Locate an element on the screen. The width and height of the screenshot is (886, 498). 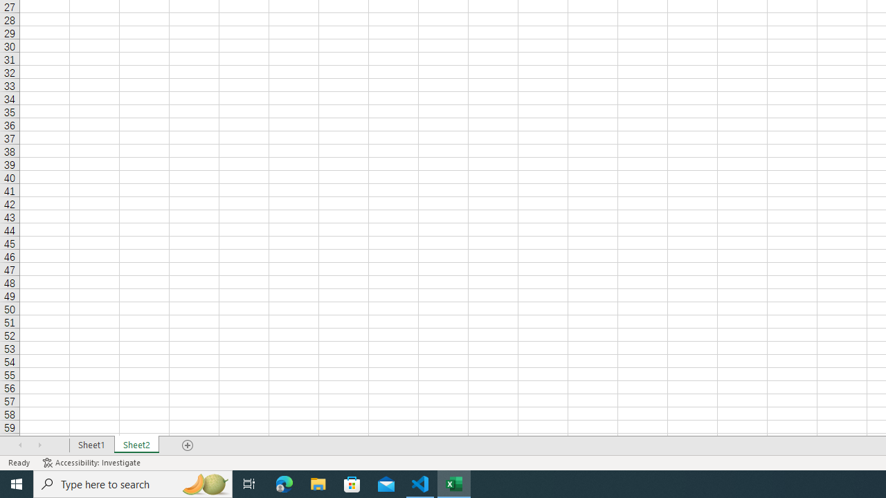
'Scroll Left' is located at coordinates (20, 445).